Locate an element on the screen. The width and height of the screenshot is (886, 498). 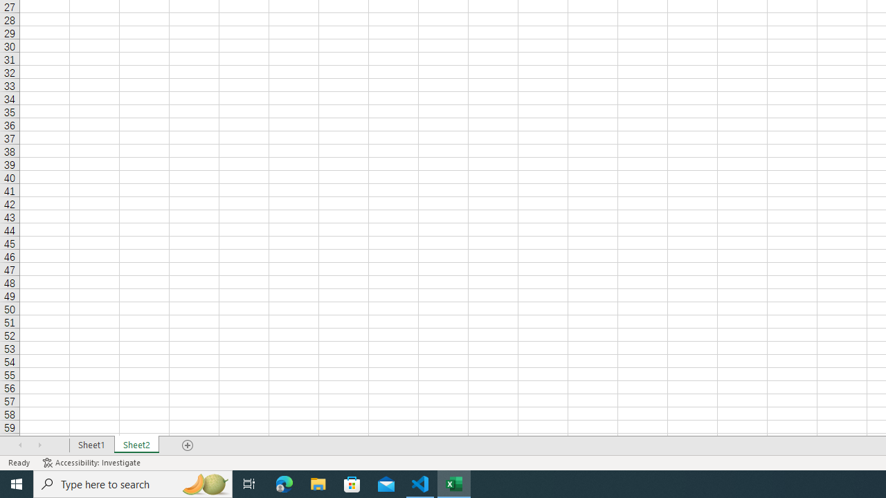
'Scroll Left' is located at coordinates (20, 445).